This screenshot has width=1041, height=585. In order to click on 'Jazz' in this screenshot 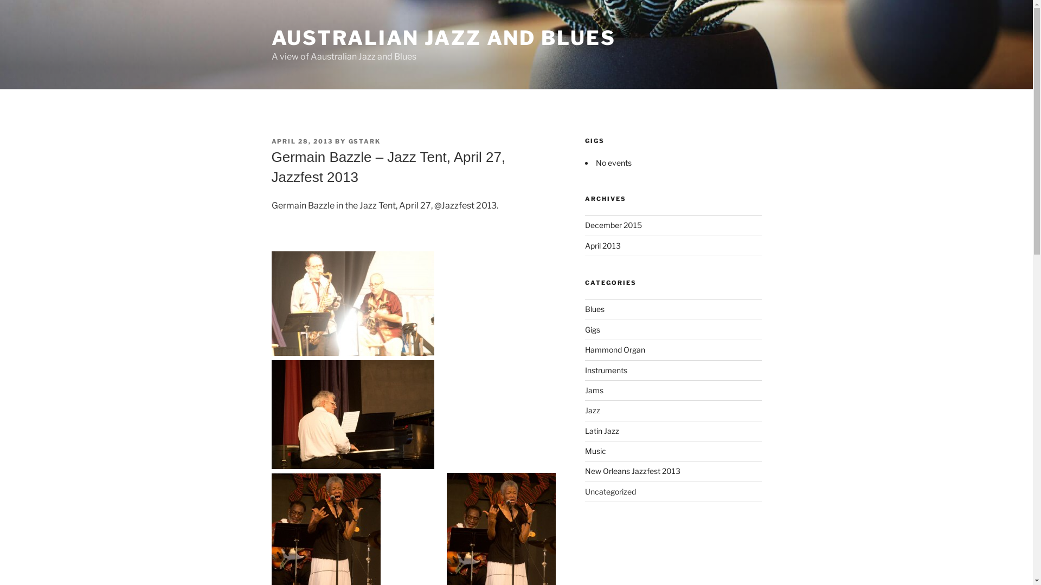, I will do `click(592, 410)`.